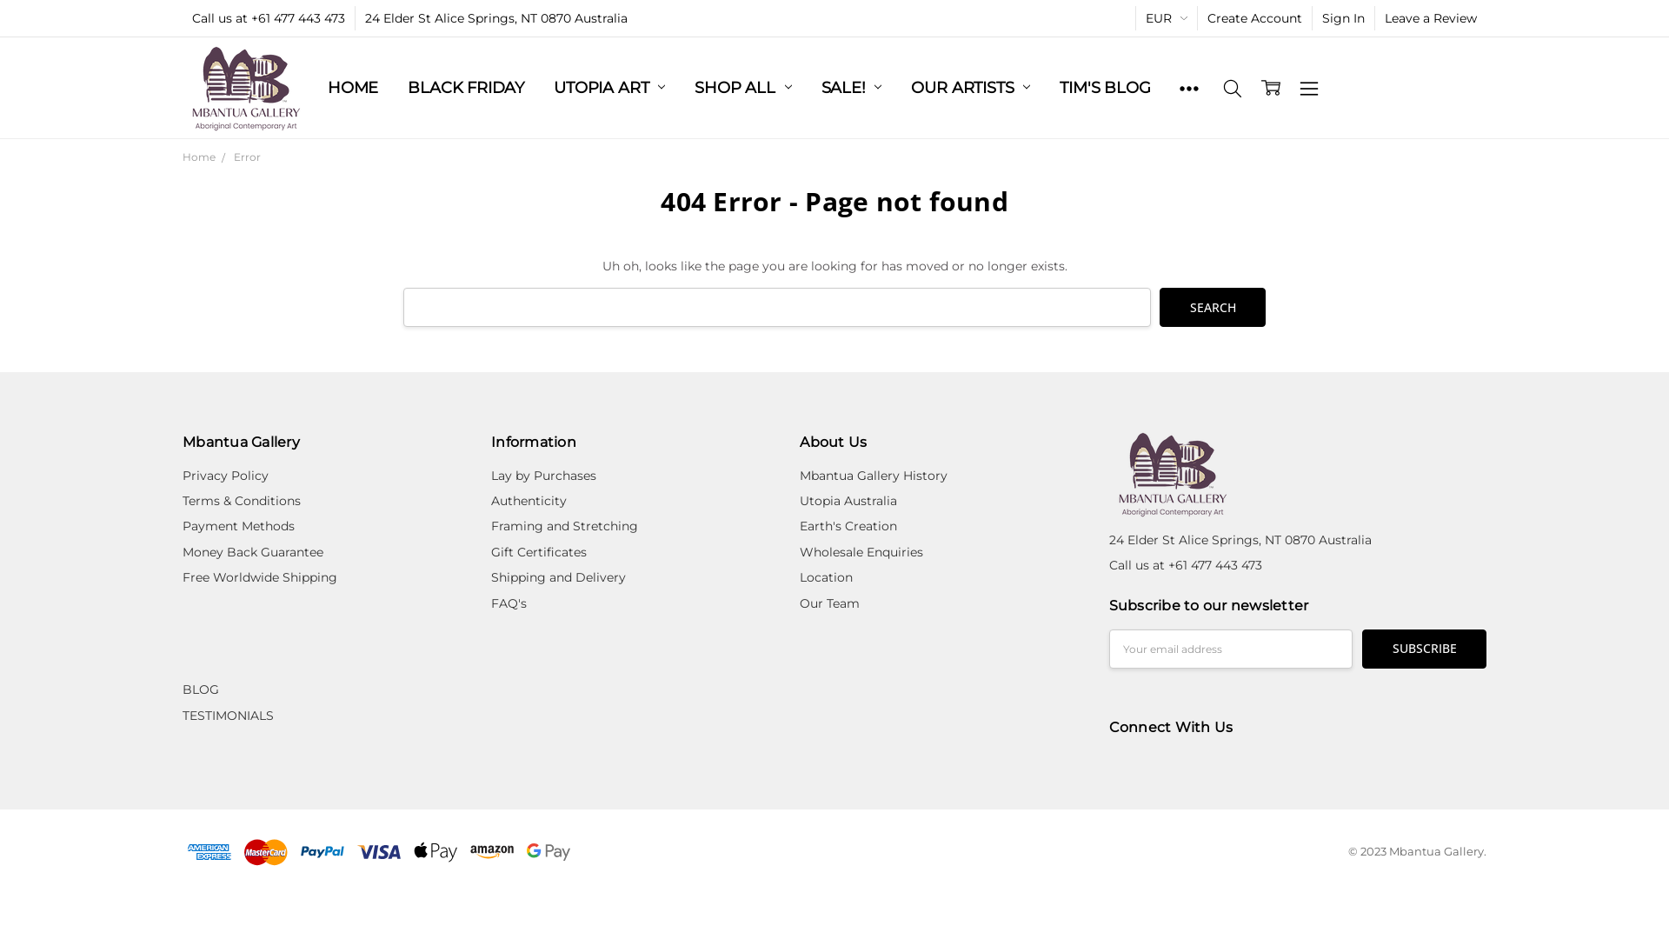 Image resolution: width=1669 pixels, height=939 pixels. I want to click on 'Privacy Policy', so click(224, 476).